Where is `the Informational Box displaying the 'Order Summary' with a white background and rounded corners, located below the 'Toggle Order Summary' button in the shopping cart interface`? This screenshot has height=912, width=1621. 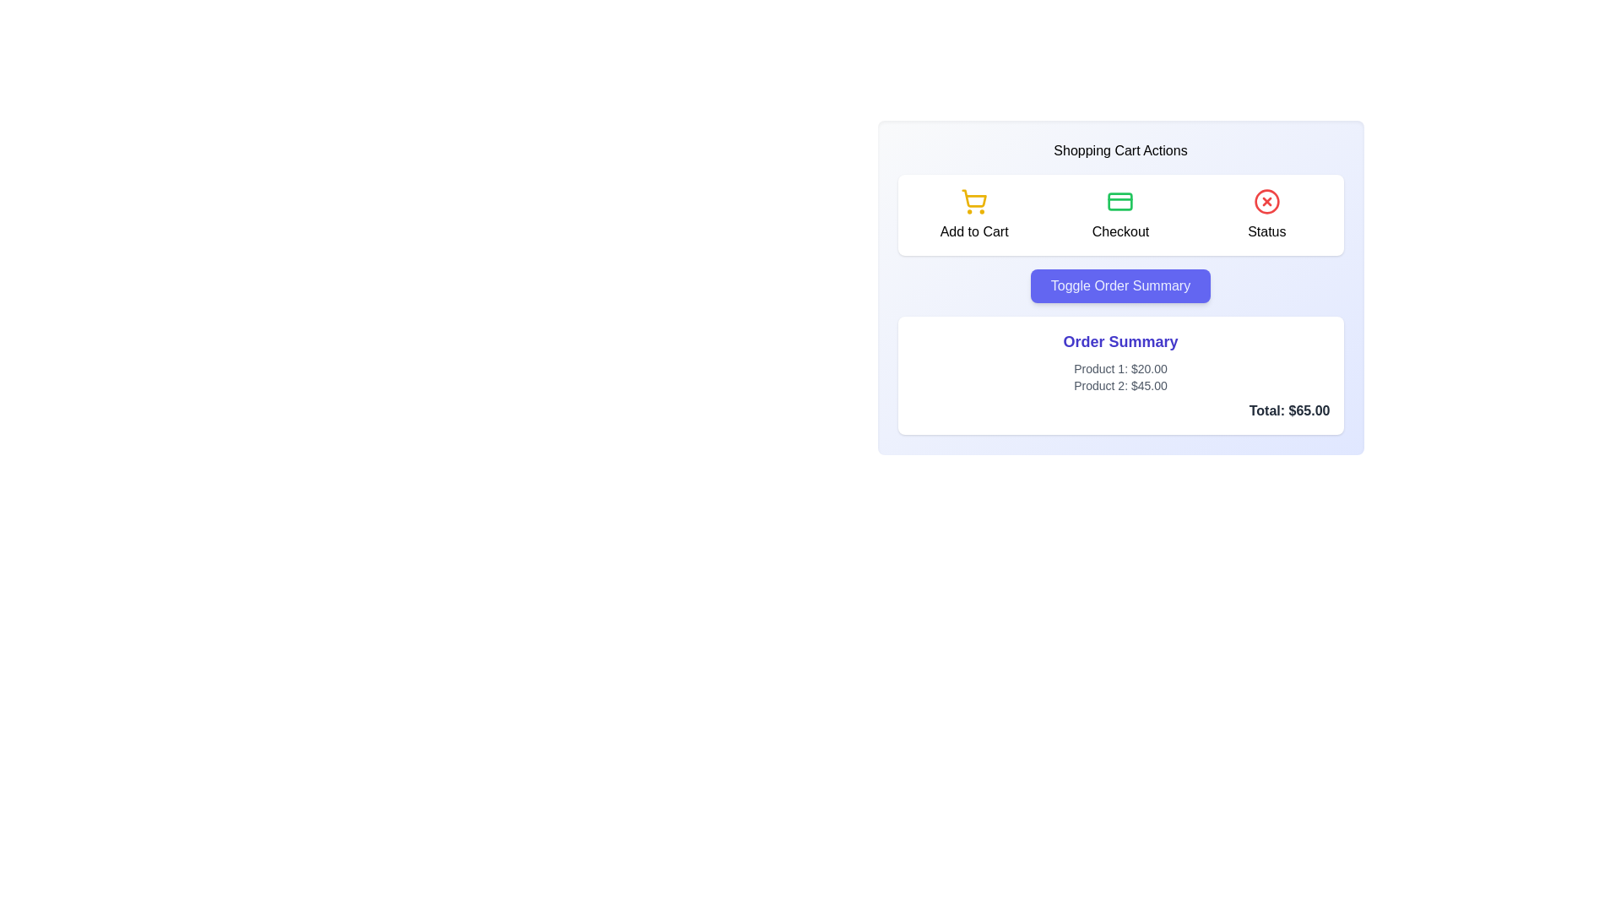 the Informational Box displaying the 'Order Summary' with a white background and rounded corners, located below the 'Toggle Order Summary' button in the shopping cart interface is located at coordinates (1120, 374).